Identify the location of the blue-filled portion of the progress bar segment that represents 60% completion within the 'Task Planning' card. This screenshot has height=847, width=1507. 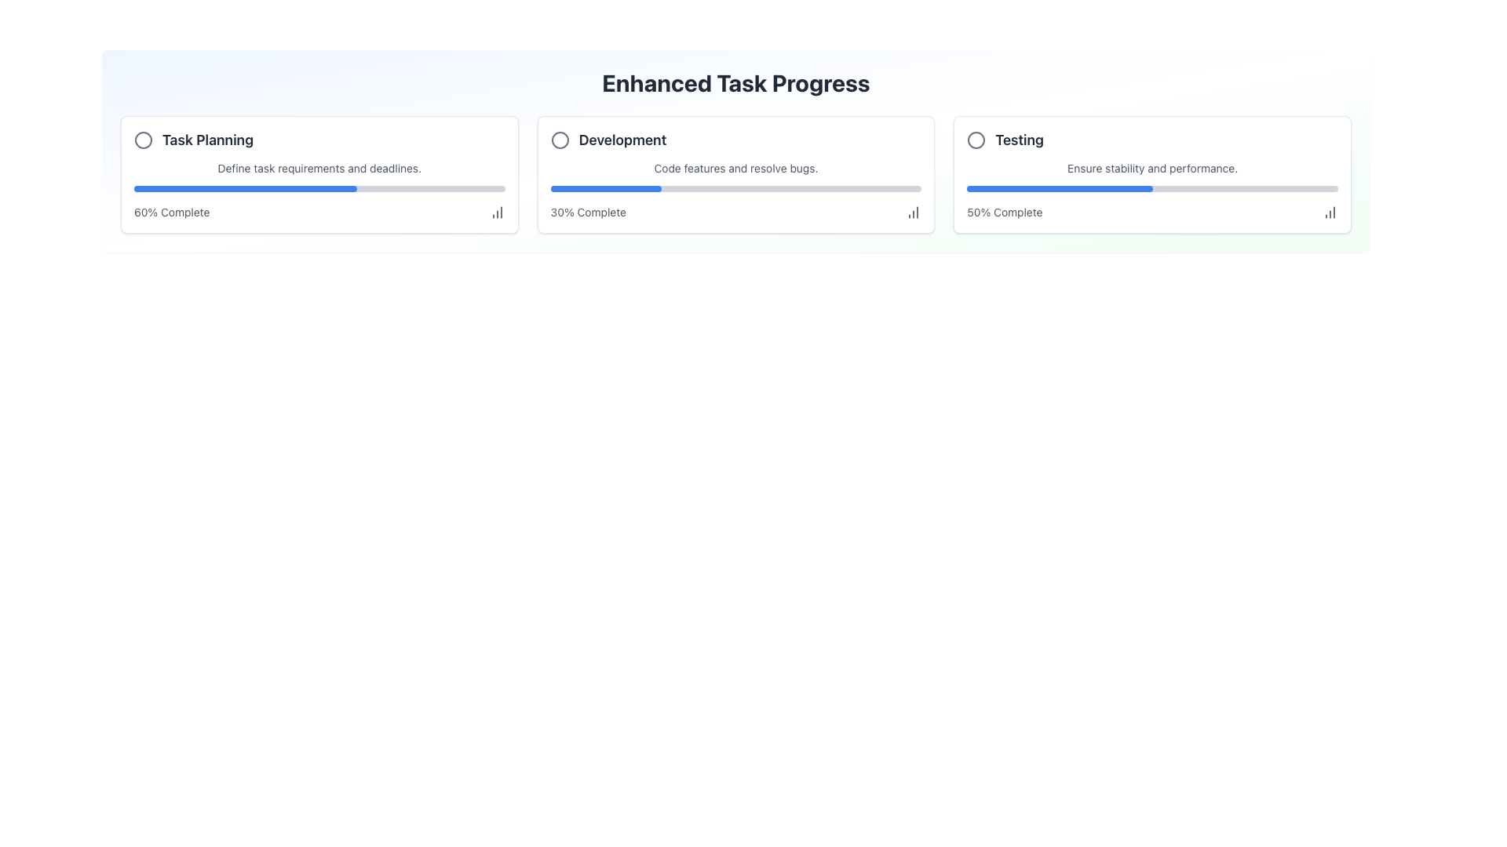
(244, 187).